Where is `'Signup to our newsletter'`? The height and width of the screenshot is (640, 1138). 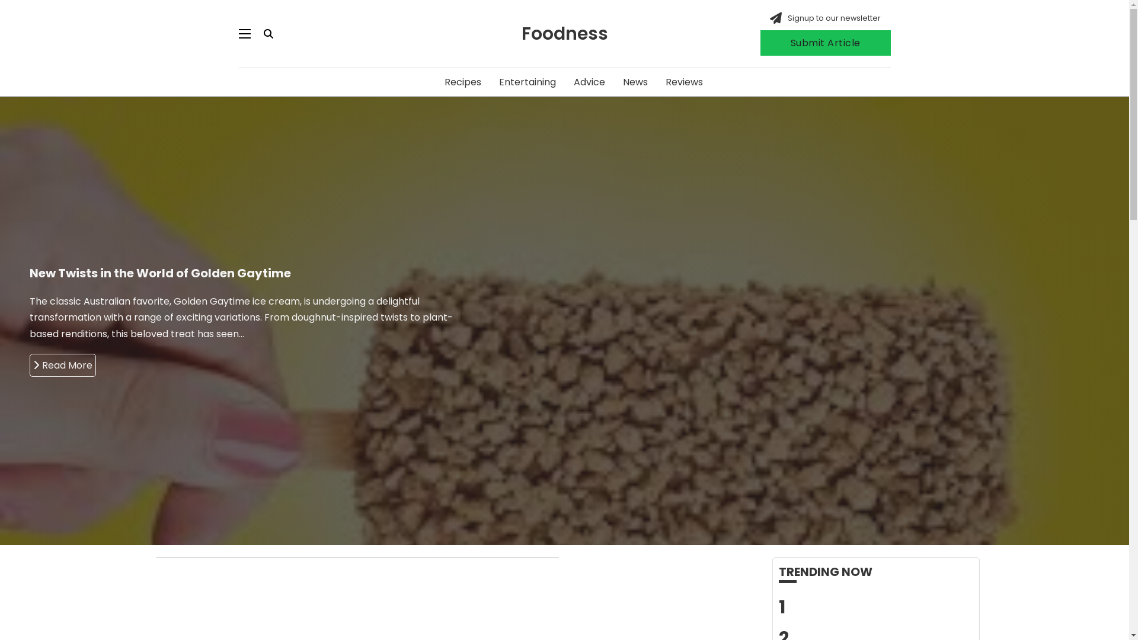
'Signup to our newsletter' is located at coordinates (833, 18).